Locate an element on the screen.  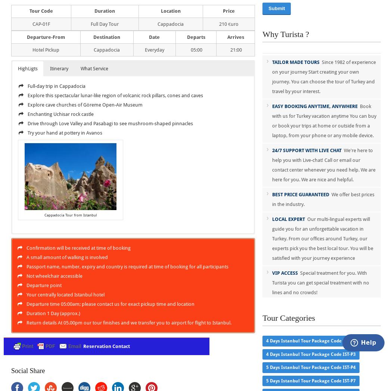
'Our multi-lingual experts will guide you for an unforgettable vacation in Turkey. From our offices around Turkey, our experts pick you the best local tour. You will be satisfied with your journey experience' is located at coordinates (272, 238).